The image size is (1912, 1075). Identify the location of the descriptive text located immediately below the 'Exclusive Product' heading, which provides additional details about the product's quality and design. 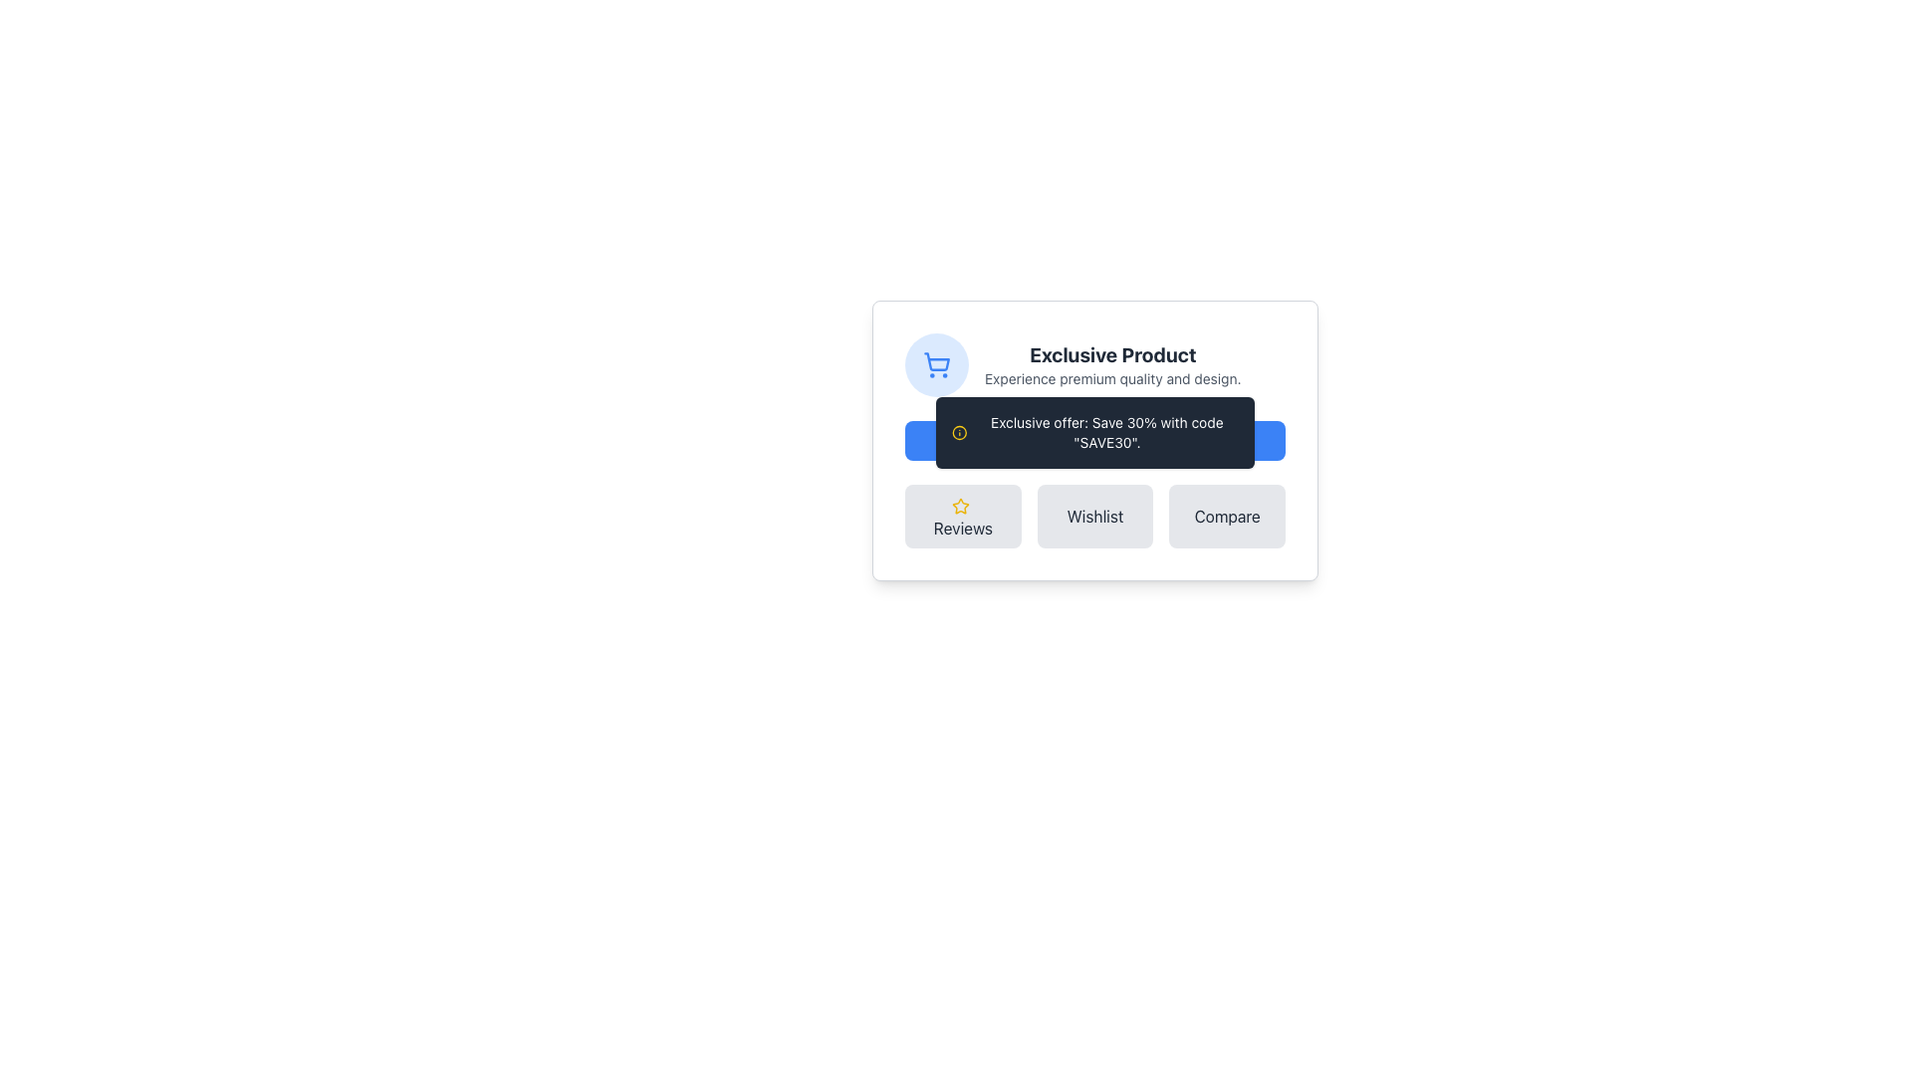
(1111, 379).